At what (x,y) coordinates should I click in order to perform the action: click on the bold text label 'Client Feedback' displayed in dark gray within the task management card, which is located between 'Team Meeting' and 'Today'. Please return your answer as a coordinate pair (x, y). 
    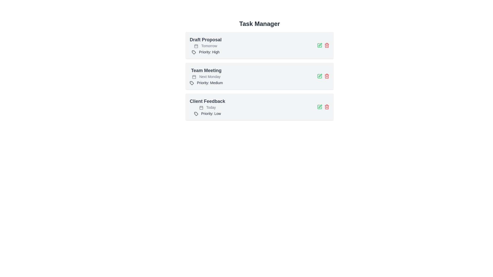
    Looking at the image, I should click on (207, 101).